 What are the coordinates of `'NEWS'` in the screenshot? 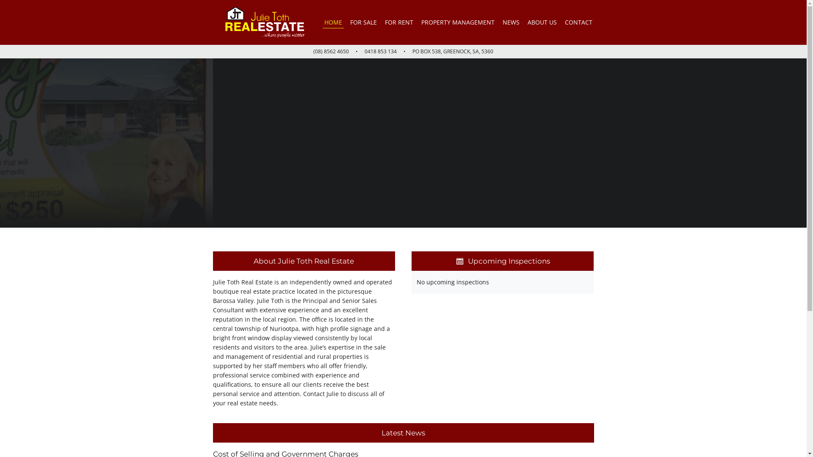 It's located at (510, 22).